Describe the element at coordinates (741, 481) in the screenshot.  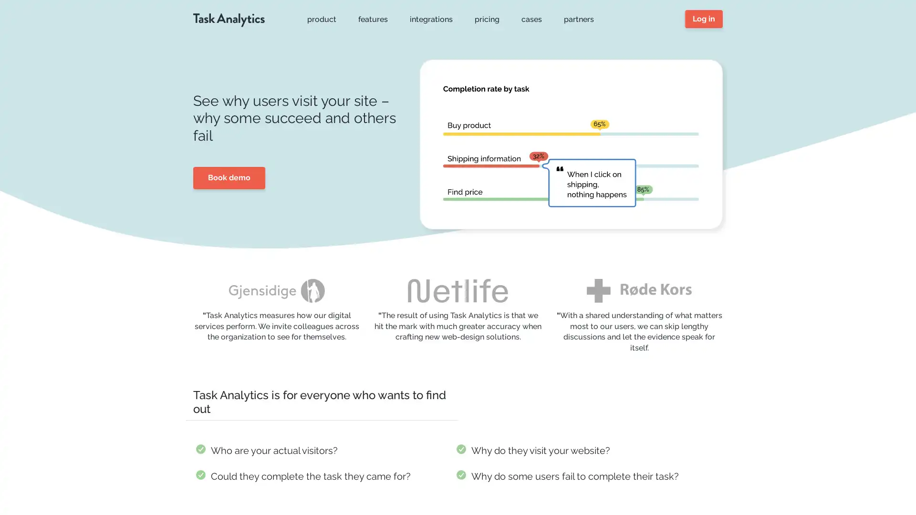
I see `Ok` at that location.